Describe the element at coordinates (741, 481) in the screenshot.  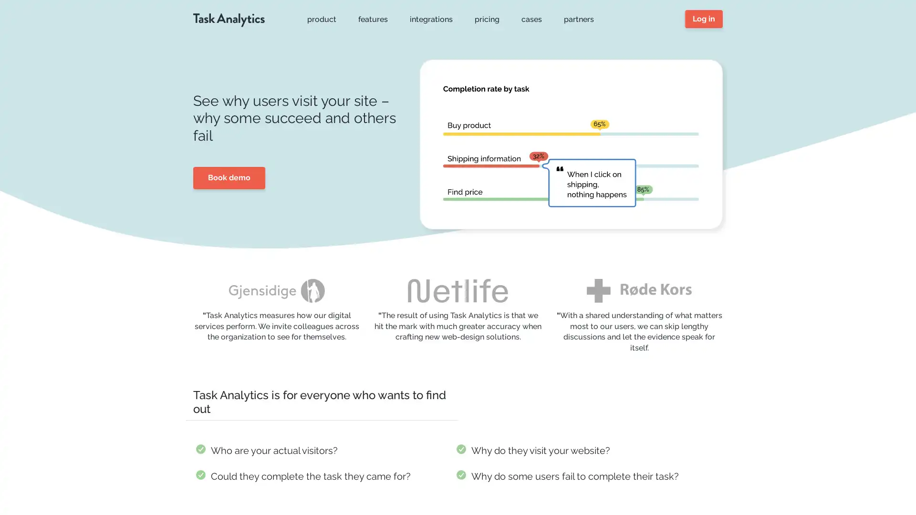
I see `Ok` at that location.